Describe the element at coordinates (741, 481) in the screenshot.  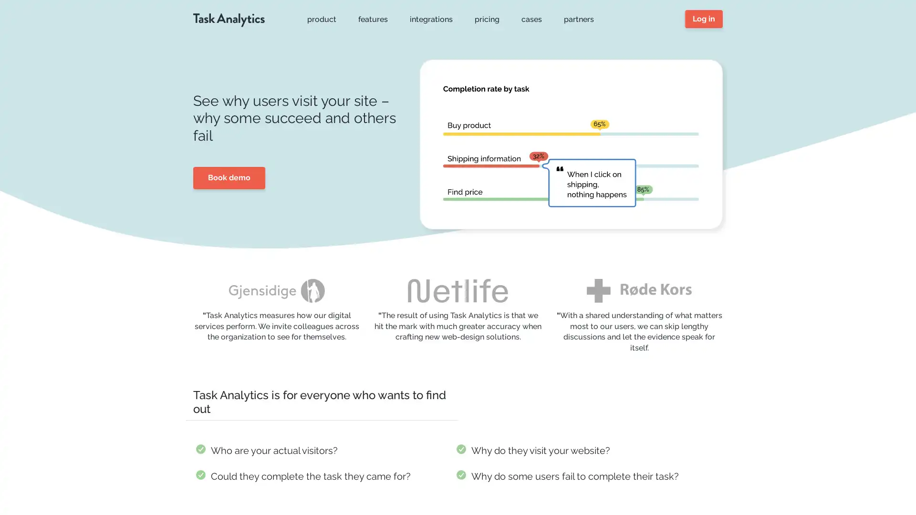
I see `Ok` at that location.